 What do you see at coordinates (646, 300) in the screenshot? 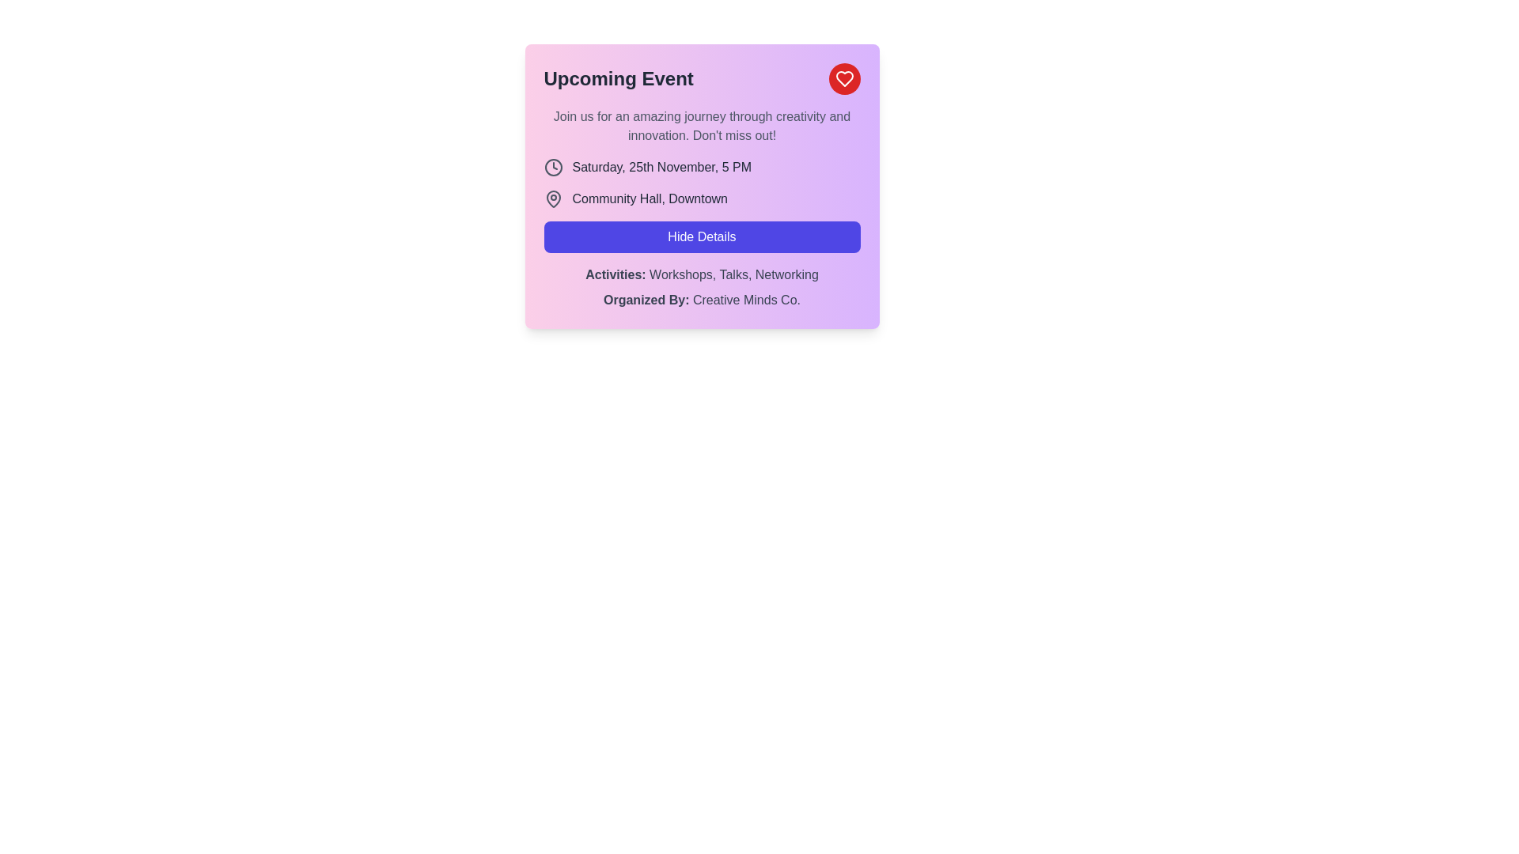
I see `the text label indicating the organizer of the event, which is positioned under the 'Hide Details' button and precedes 'Creative Minds Co.'` at bounding box center [646, 300].